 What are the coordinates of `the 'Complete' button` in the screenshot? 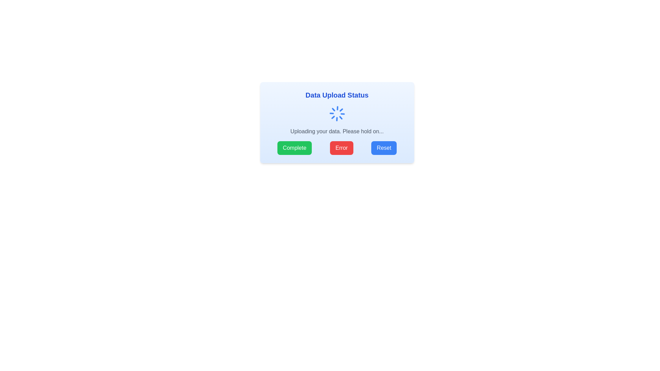 It's located at (295, 148).